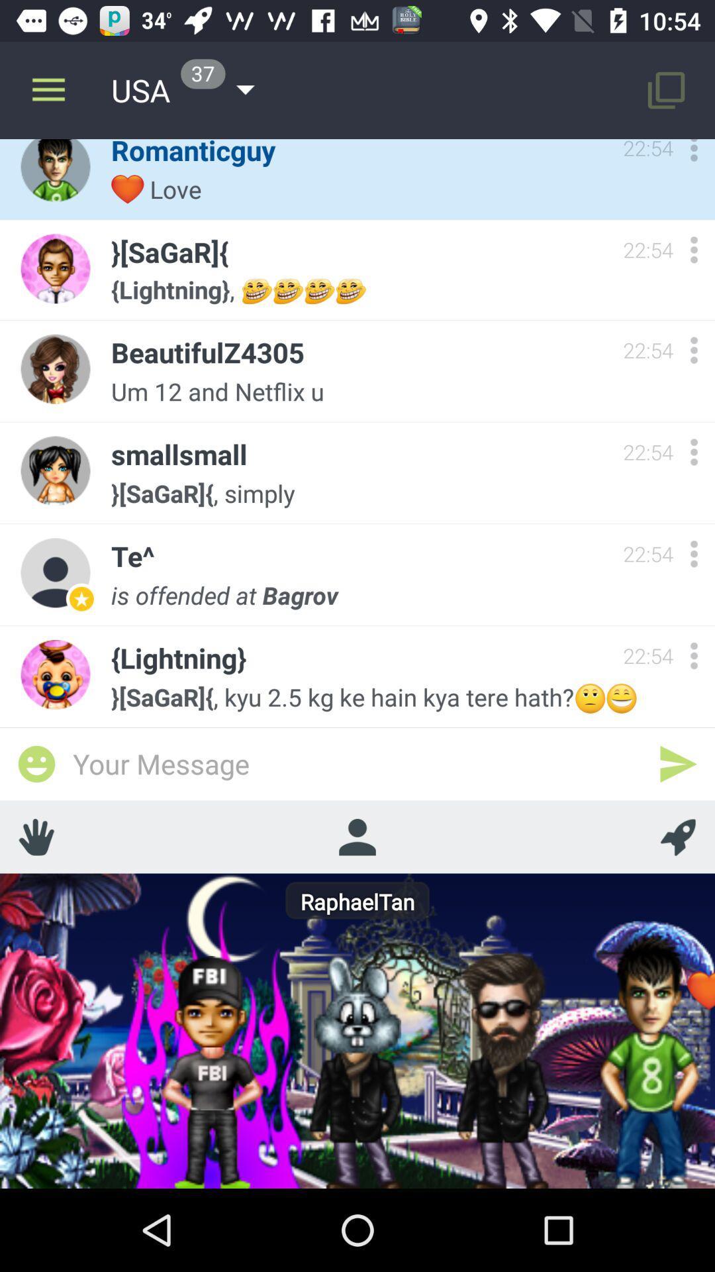 The width and height of the screenshot is (715, 1272). What do you see at coordinates (693, 452) in the screenshot?
I see `the more icon` at bounding box center [693, 452].